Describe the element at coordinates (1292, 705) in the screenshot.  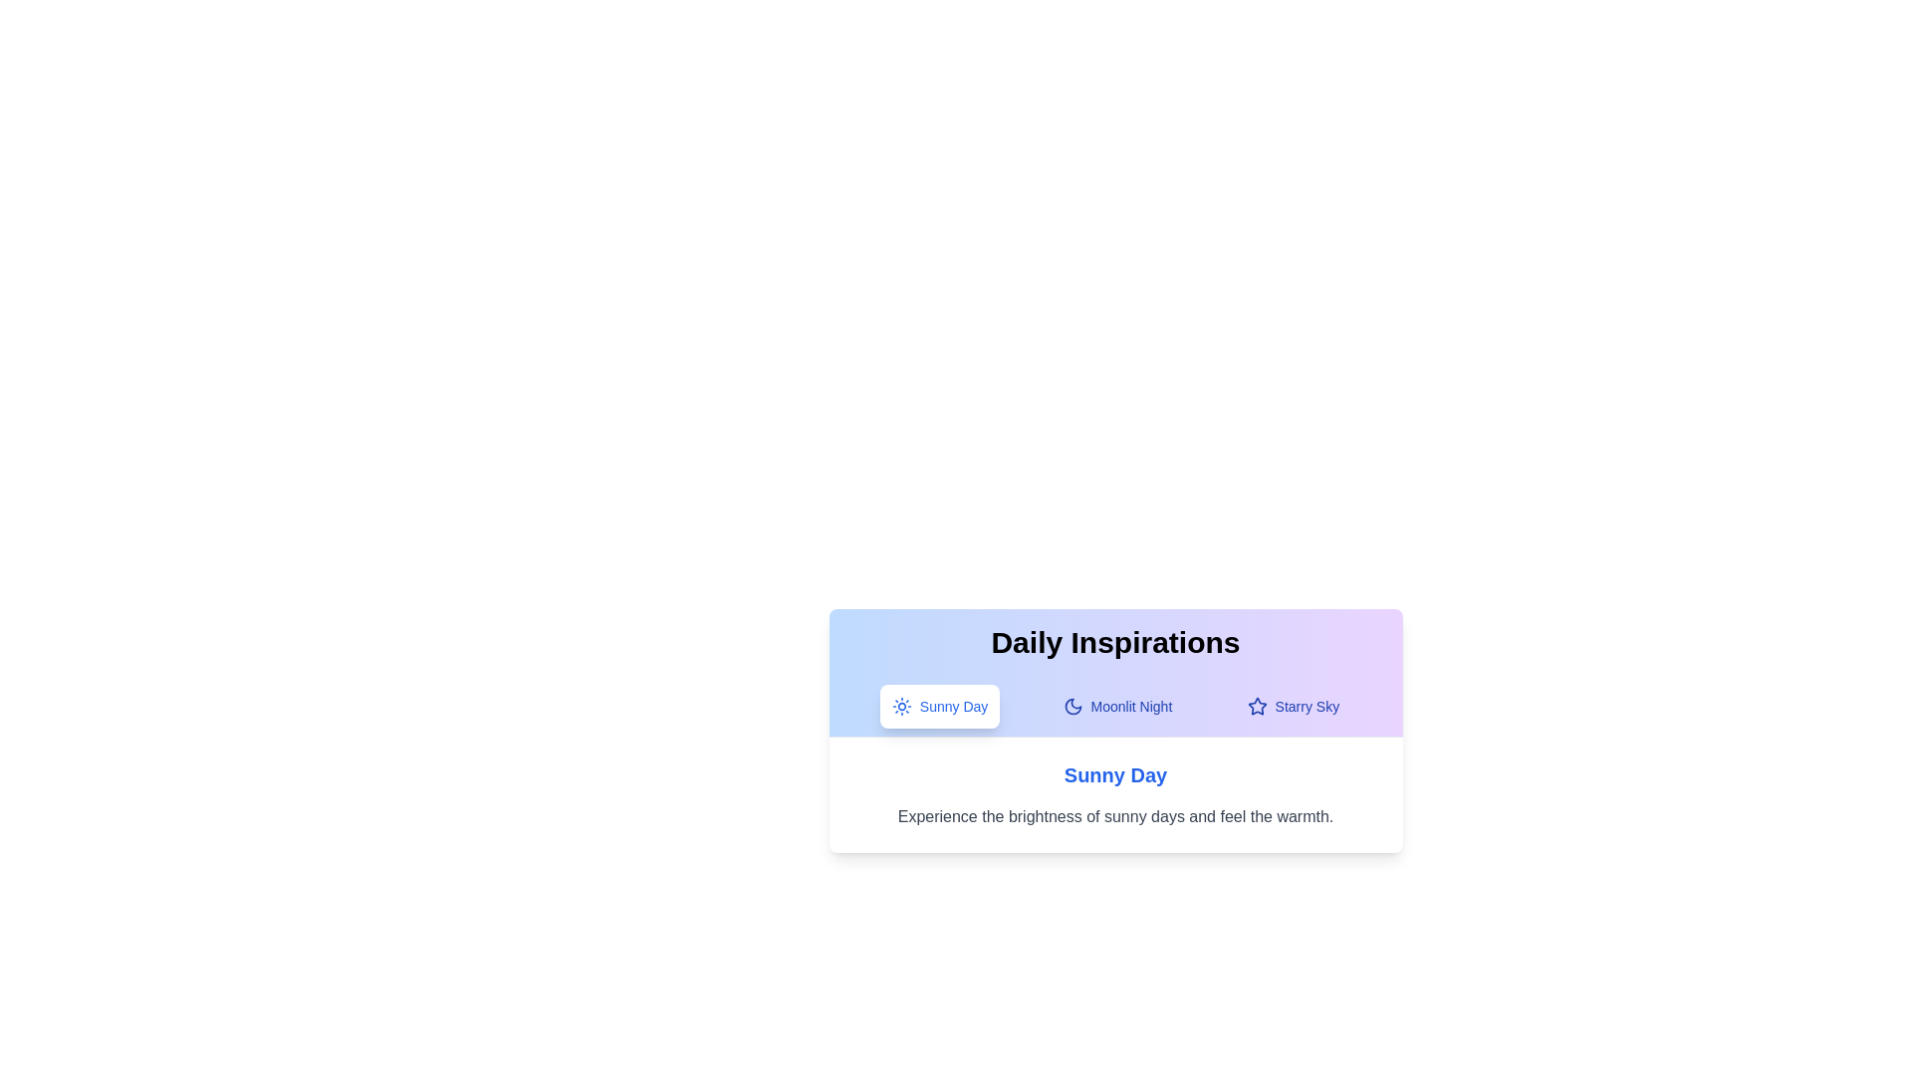
I see `the tab labeled Starry Sky to display its content` at that location.